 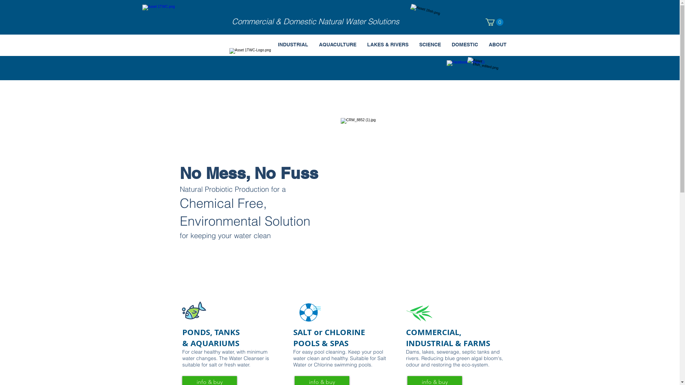 What do you see at coordinates (494, 21) in the screenshot?
I see `'0'` at bounding box center [494, 21].